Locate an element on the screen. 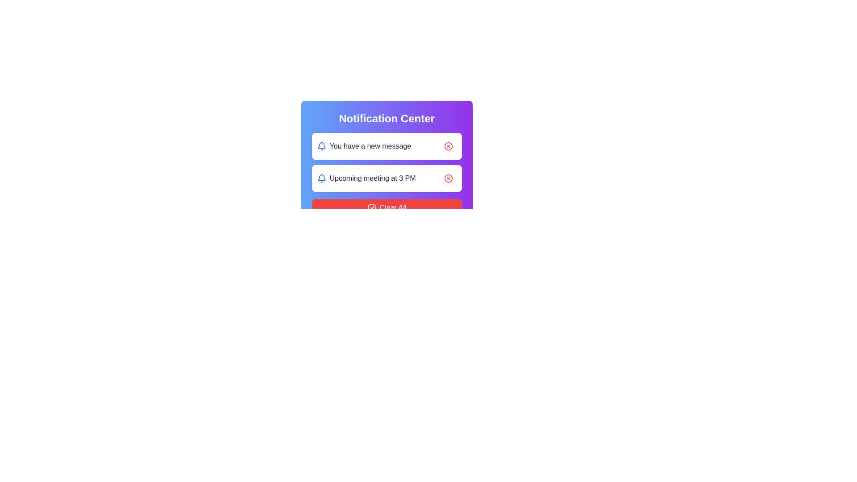 The image size is (857, 482). the close button icon located to the right of the text 'You have a new message' in the top notification of the notification center for possible visual feedback is located at coordinates (448, 145).